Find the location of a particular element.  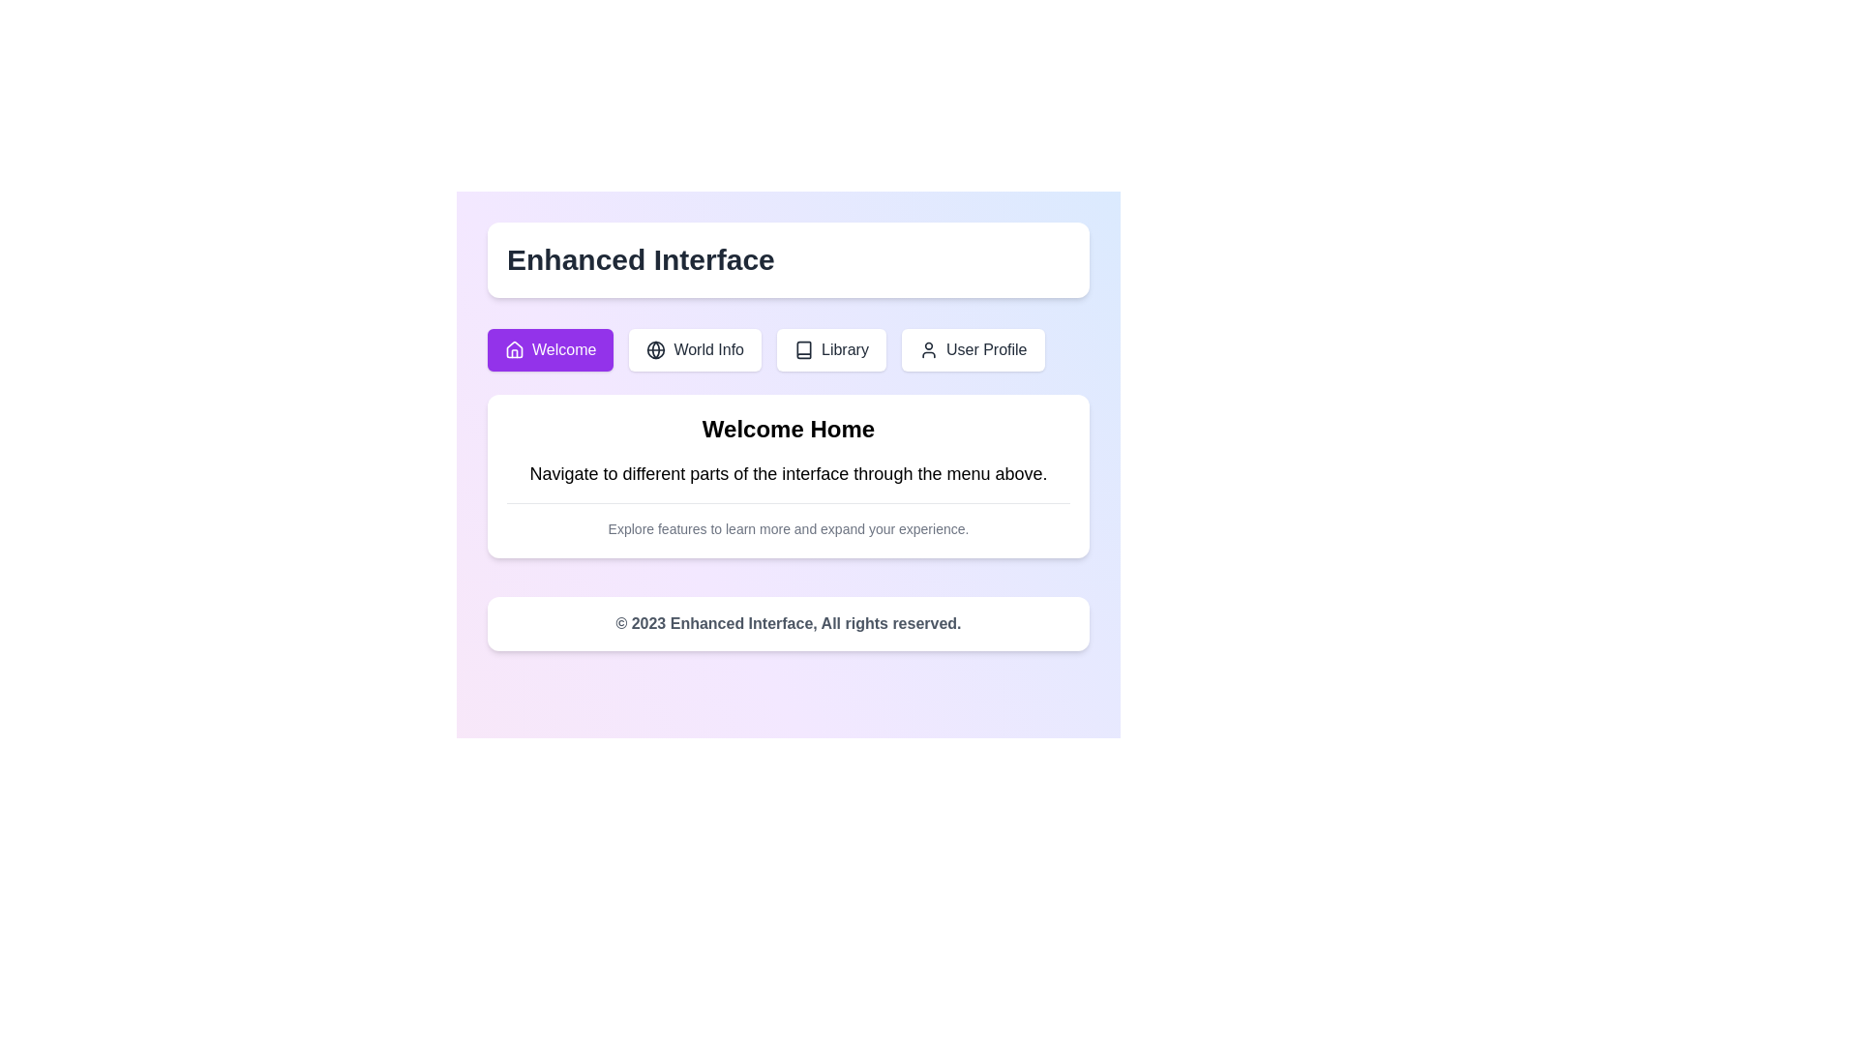

the static text label that describes the button for accessing the user profile, located in the upper-right side of the interface inside the navigation bar is located at coordinates (986, 349).